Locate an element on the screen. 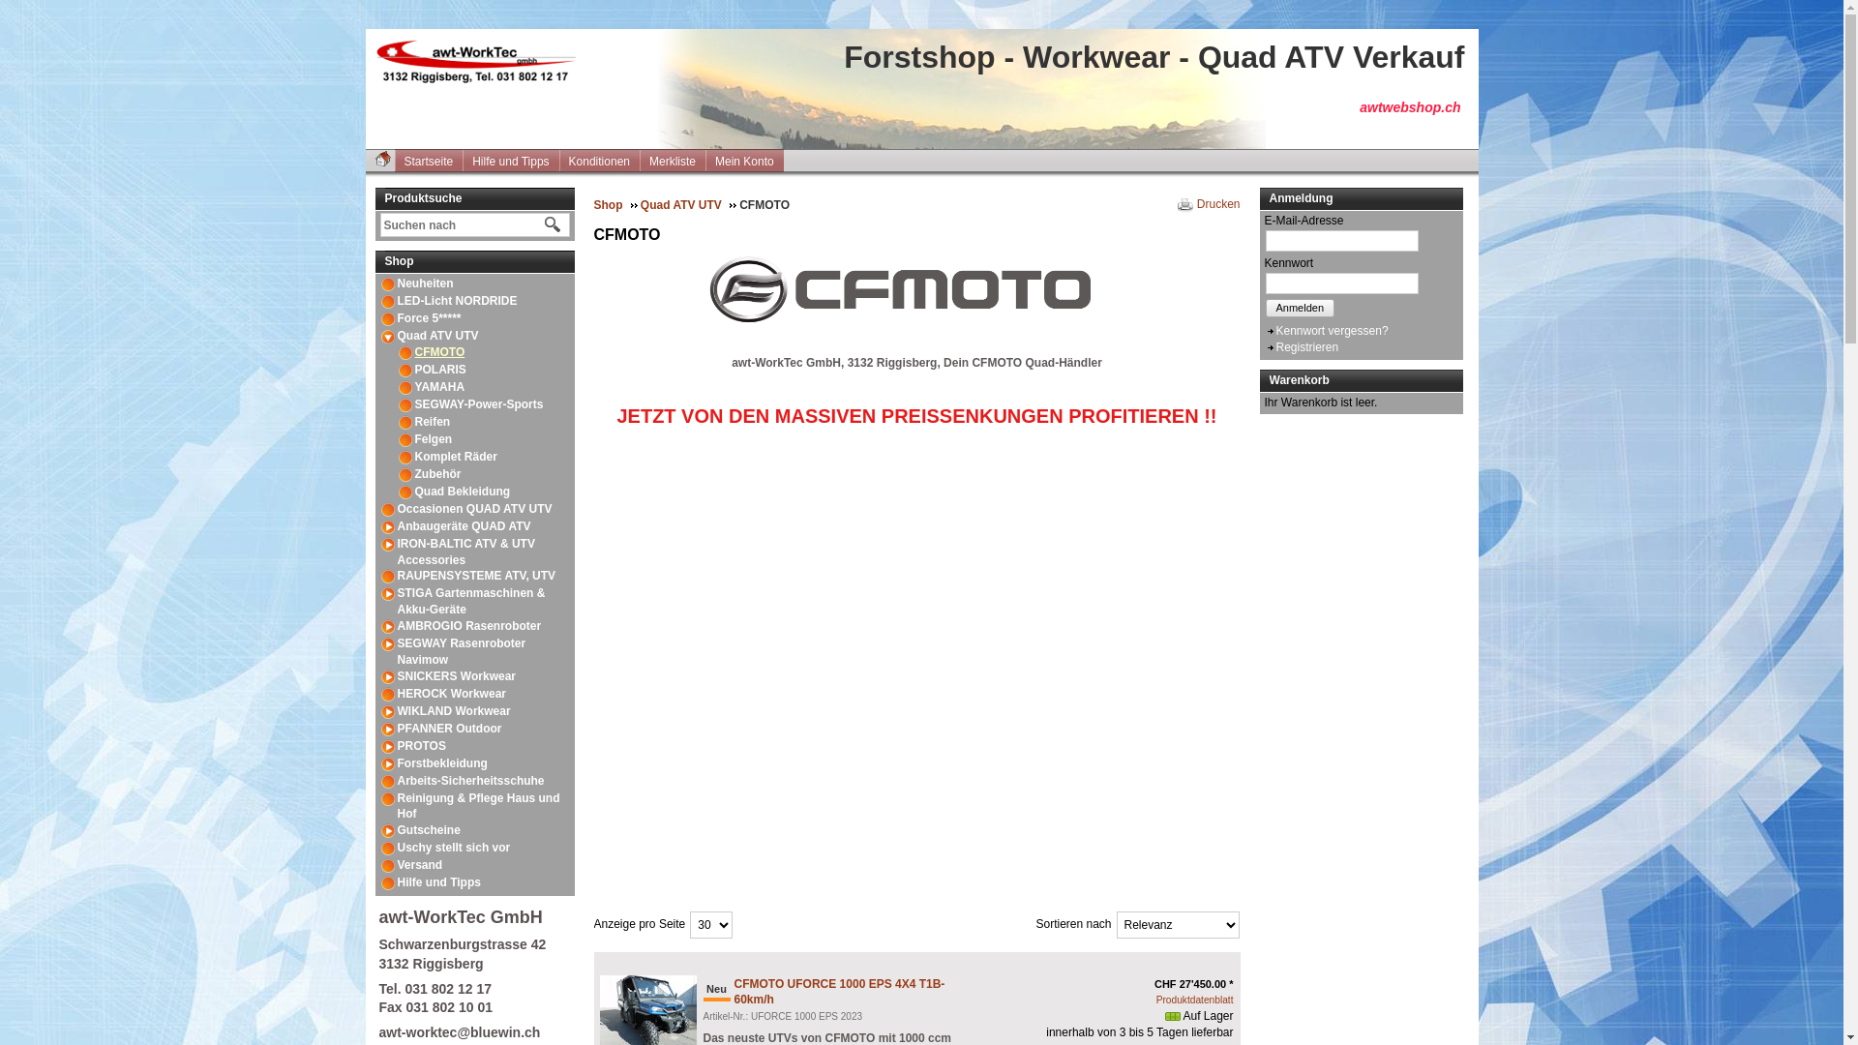 Image resolution: width=1858 pixels, height=1045 pixels. 'IRON-BALTIC ATV & UTV Accessories' is located at coordinates (464, 552).